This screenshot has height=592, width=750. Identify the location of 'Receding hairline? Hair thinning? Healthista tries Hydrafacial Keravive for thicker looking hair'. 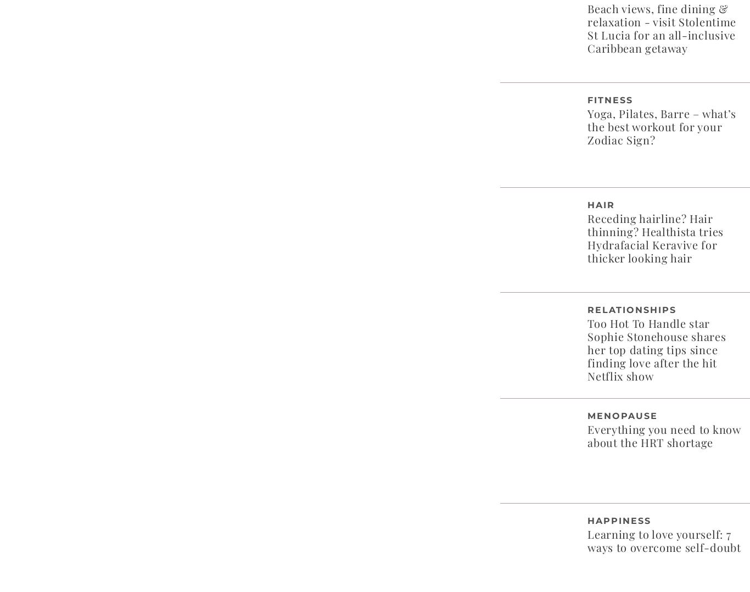
(655, 237).